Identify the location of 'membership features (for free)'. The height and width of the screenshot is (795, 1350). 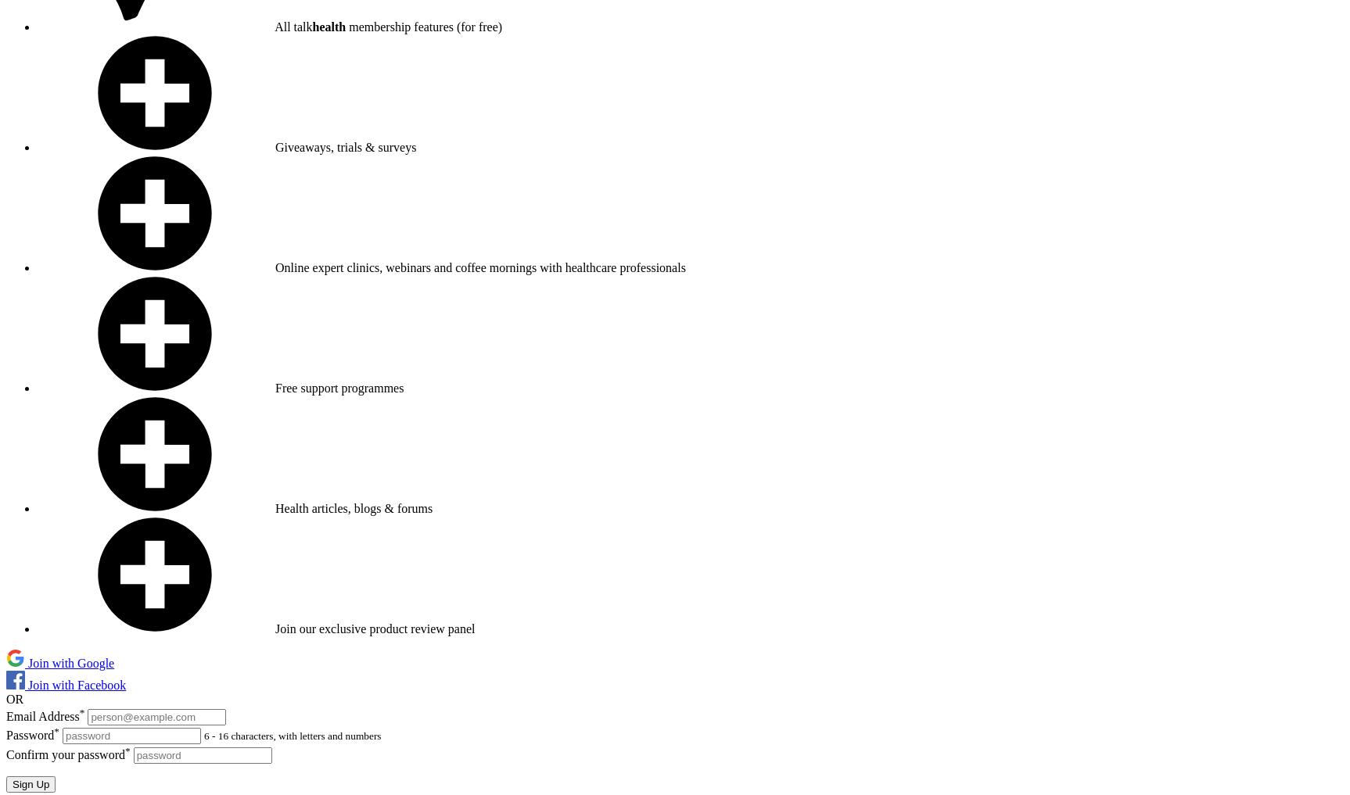
(423, 25).